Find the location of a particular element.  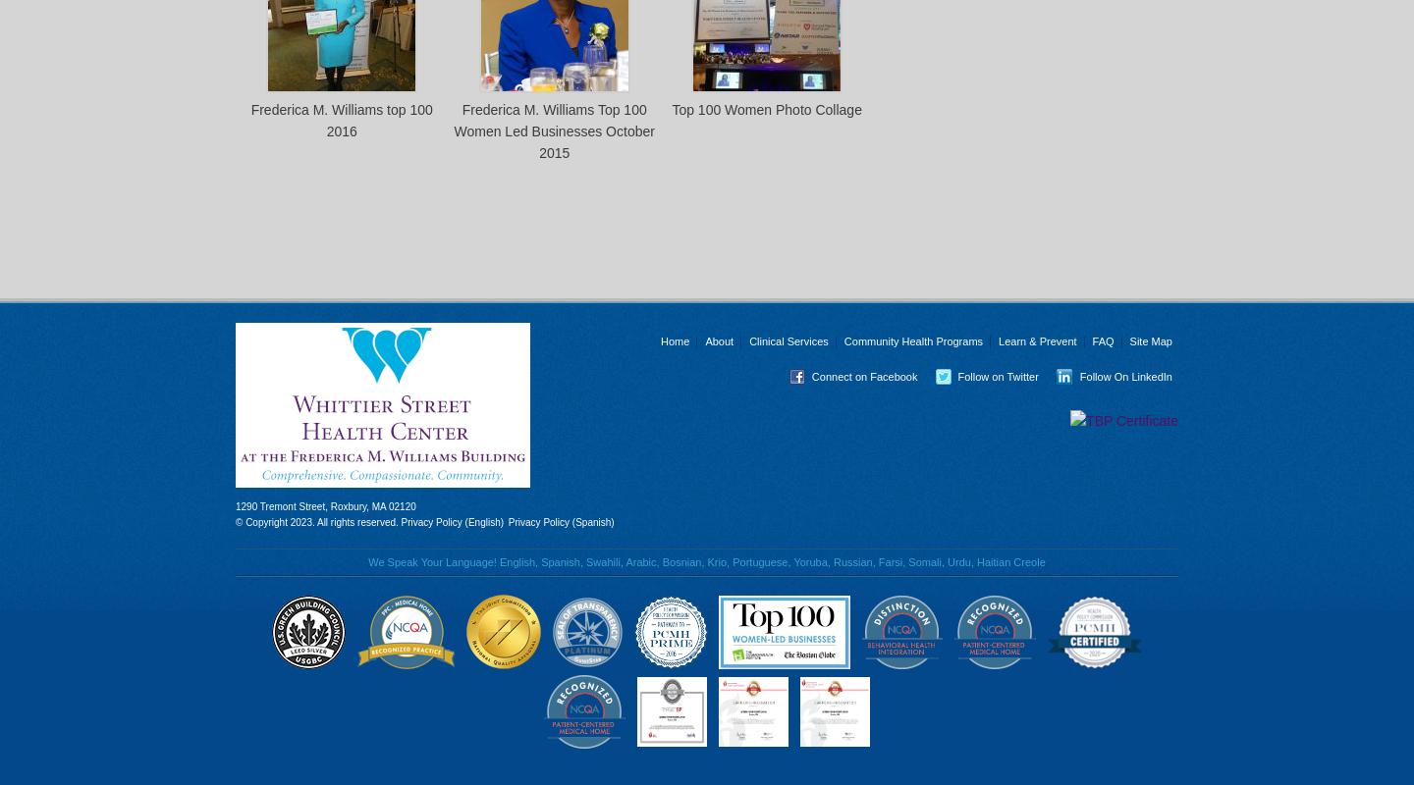

'Top 100 Women Photo Collage' is located at coordinates (765, 109).